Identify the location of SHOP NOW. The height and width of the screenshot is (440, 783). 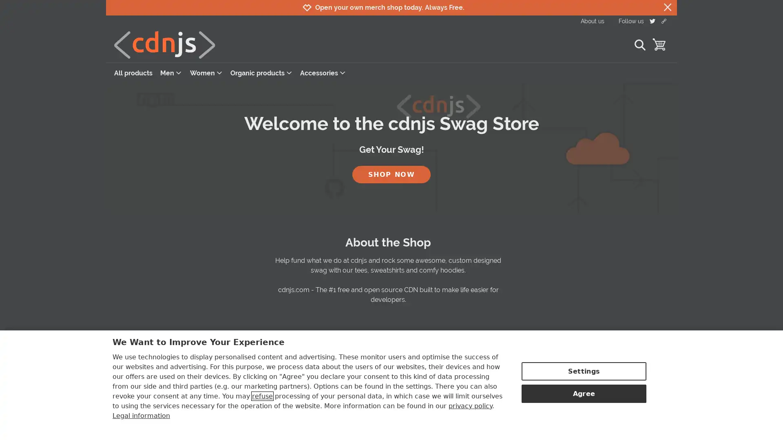
(391, 174).